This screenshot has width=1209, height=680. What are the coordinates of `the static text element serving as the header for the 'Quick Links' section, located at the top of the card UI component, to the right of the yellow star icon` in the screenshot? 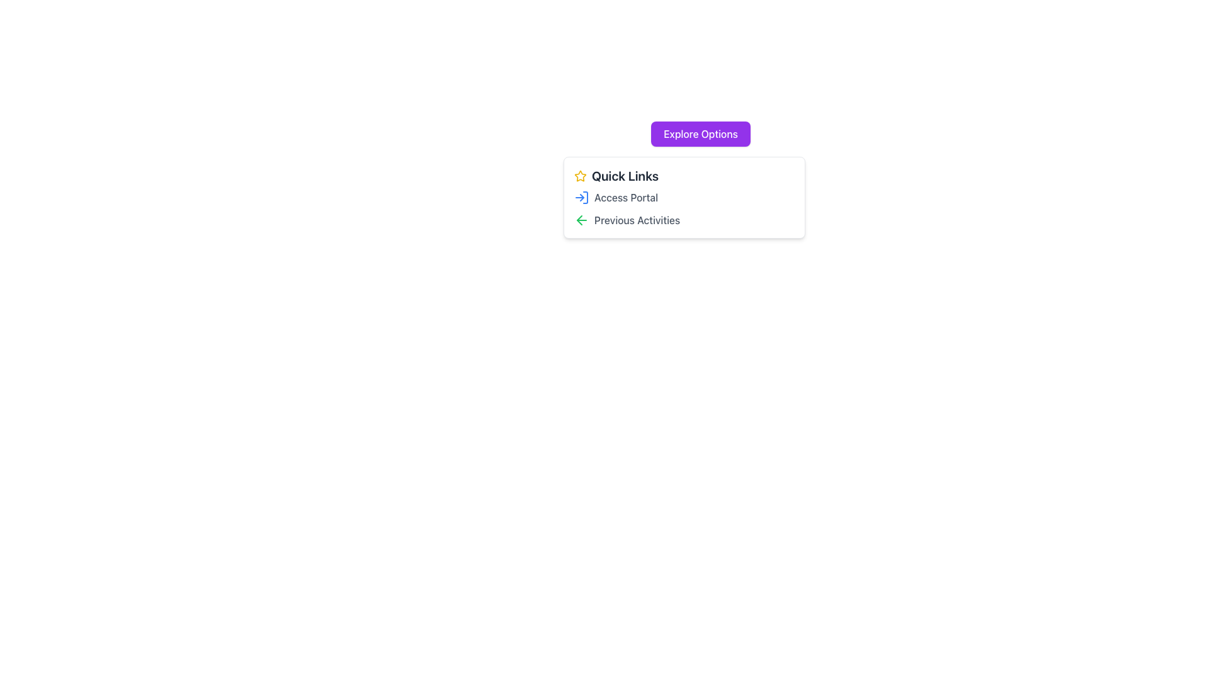 It's located at (625, 176).